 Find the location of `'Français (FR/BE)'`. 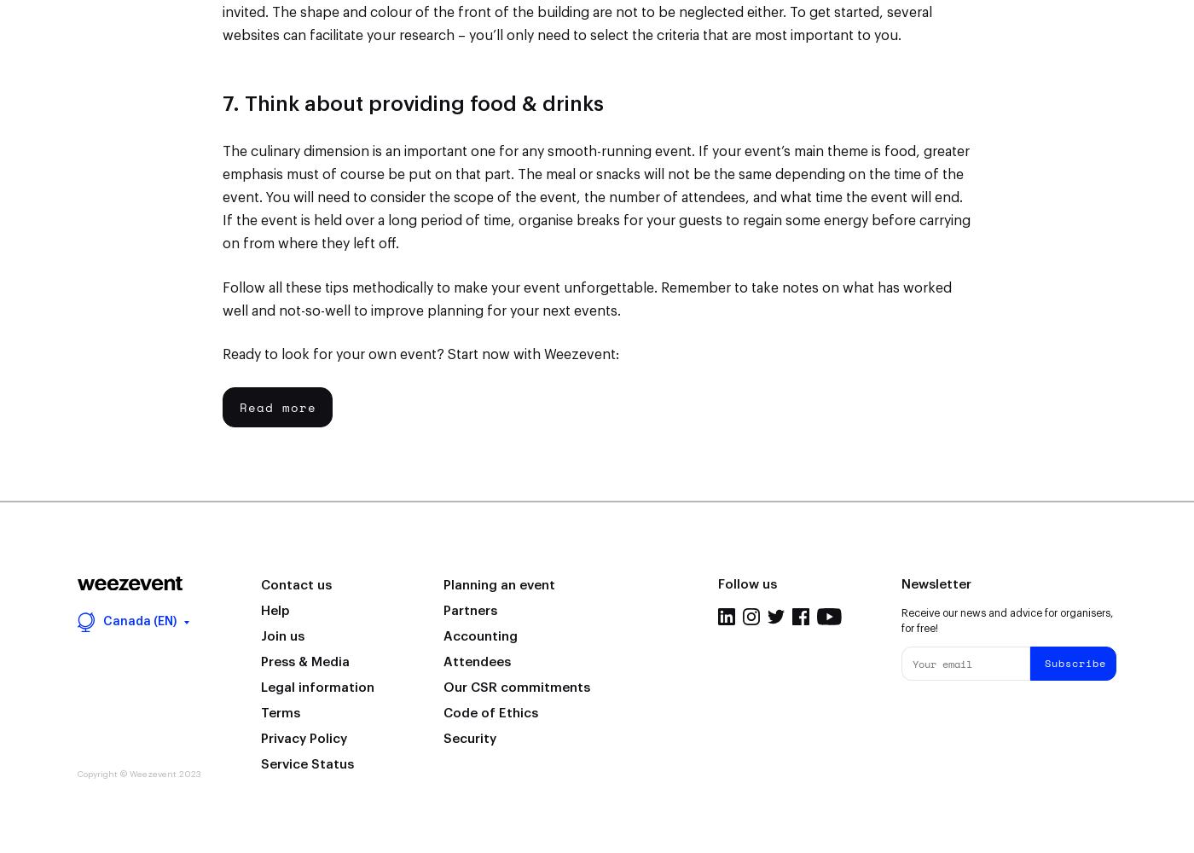

'Français (FR/BE)' is located at coordinates (148, 461).